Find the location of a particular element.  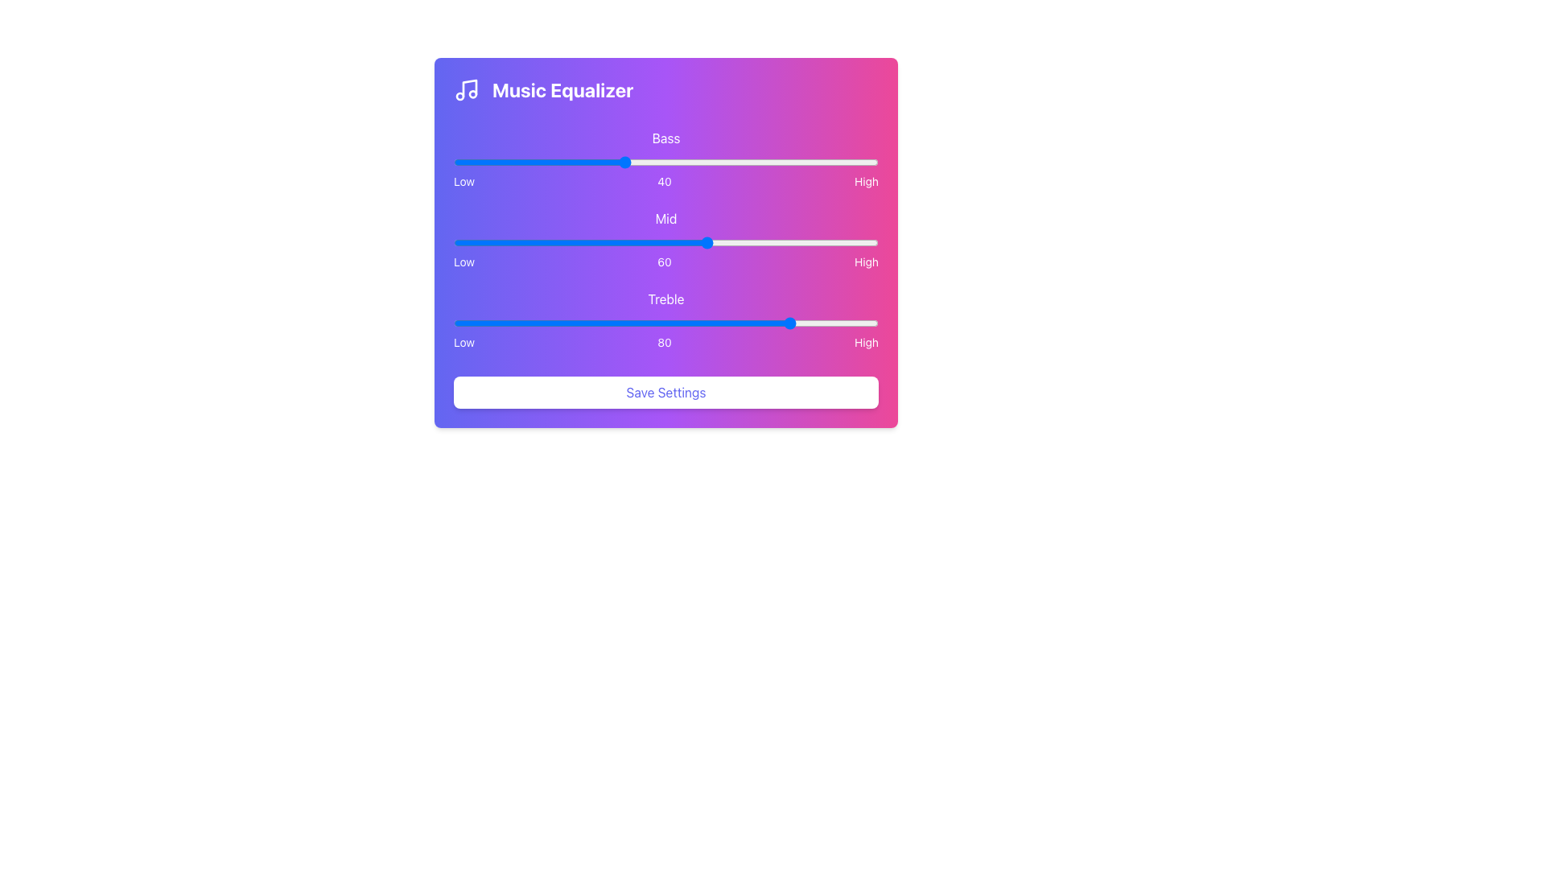

the bass level is located at coordinates (678, 162).